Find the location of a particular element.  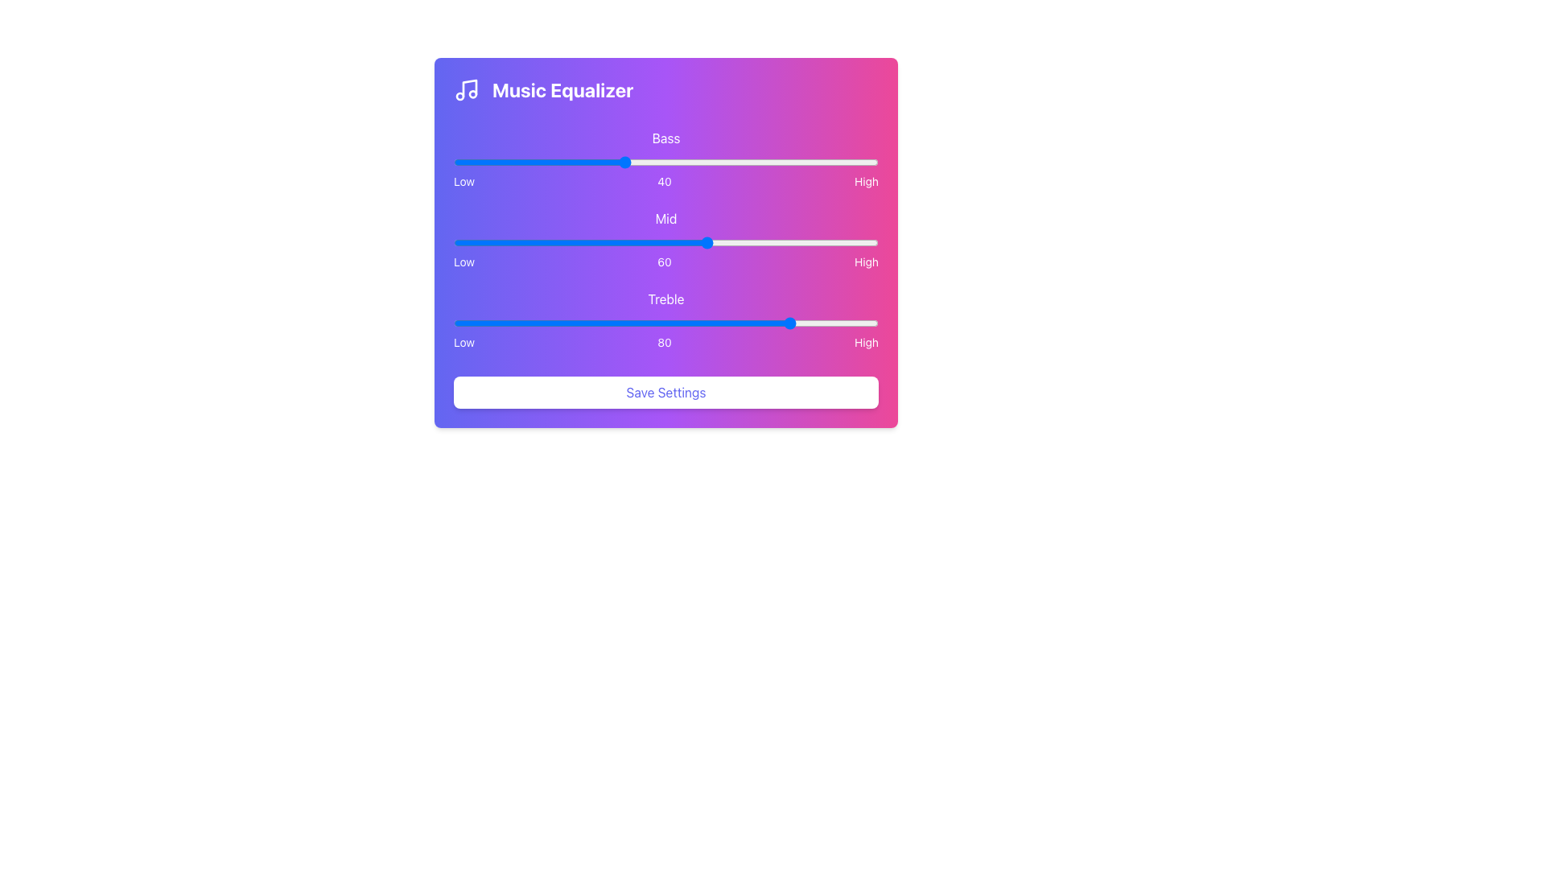

the bass level is located at coordinates (678, 162).